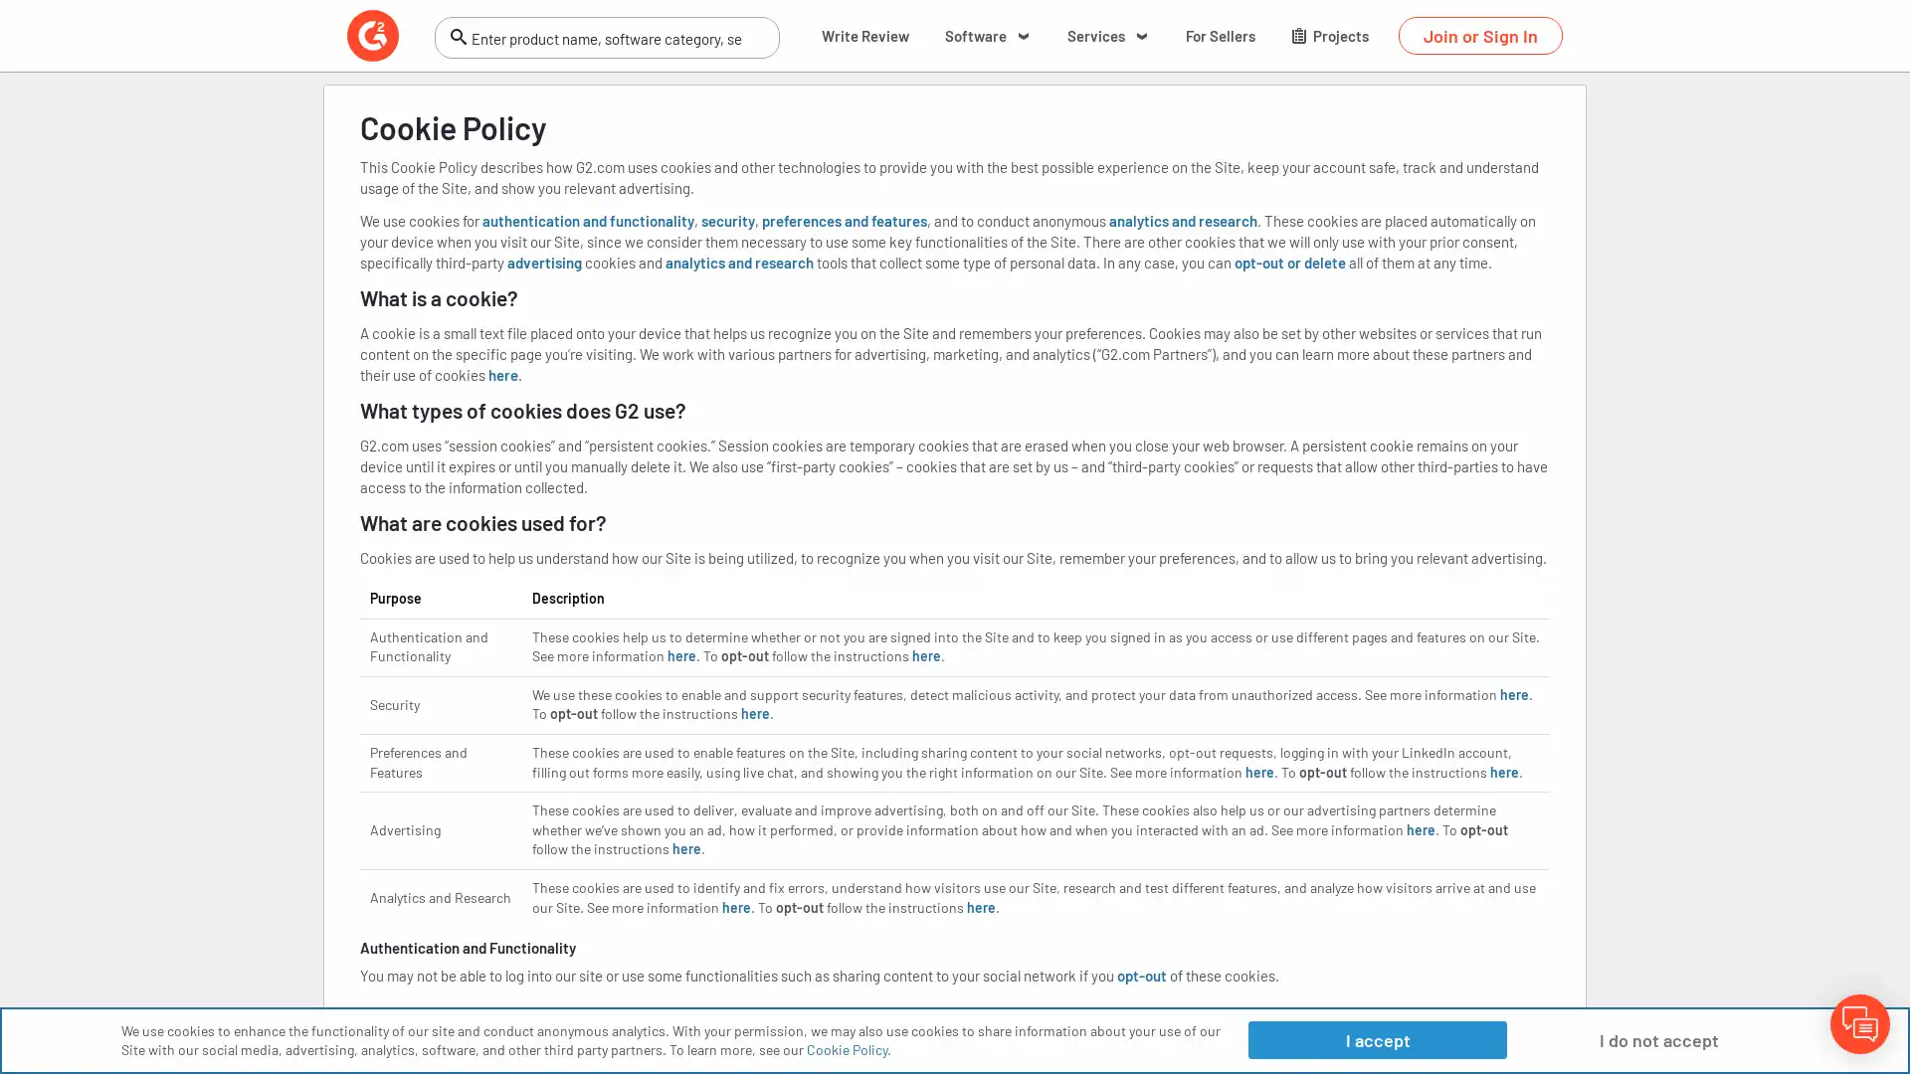 The width and height of the screenshot is (1910, 1074). What do you see at coordinates (1376, 1038) in the screenshot?
I see `I accept` at bounding box center [1376, 1038].